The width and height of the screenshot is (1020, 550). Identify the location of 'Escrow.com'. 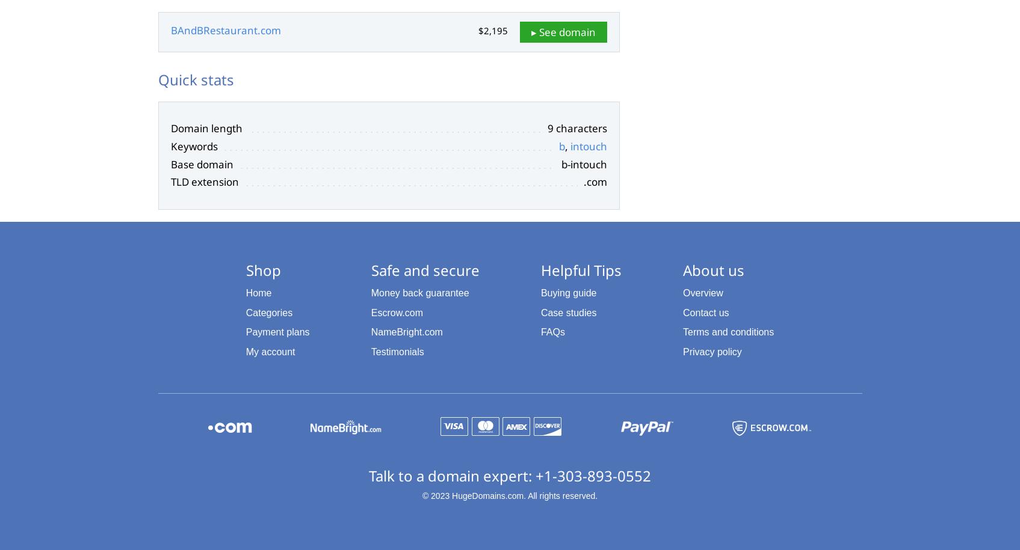
(397, 312).